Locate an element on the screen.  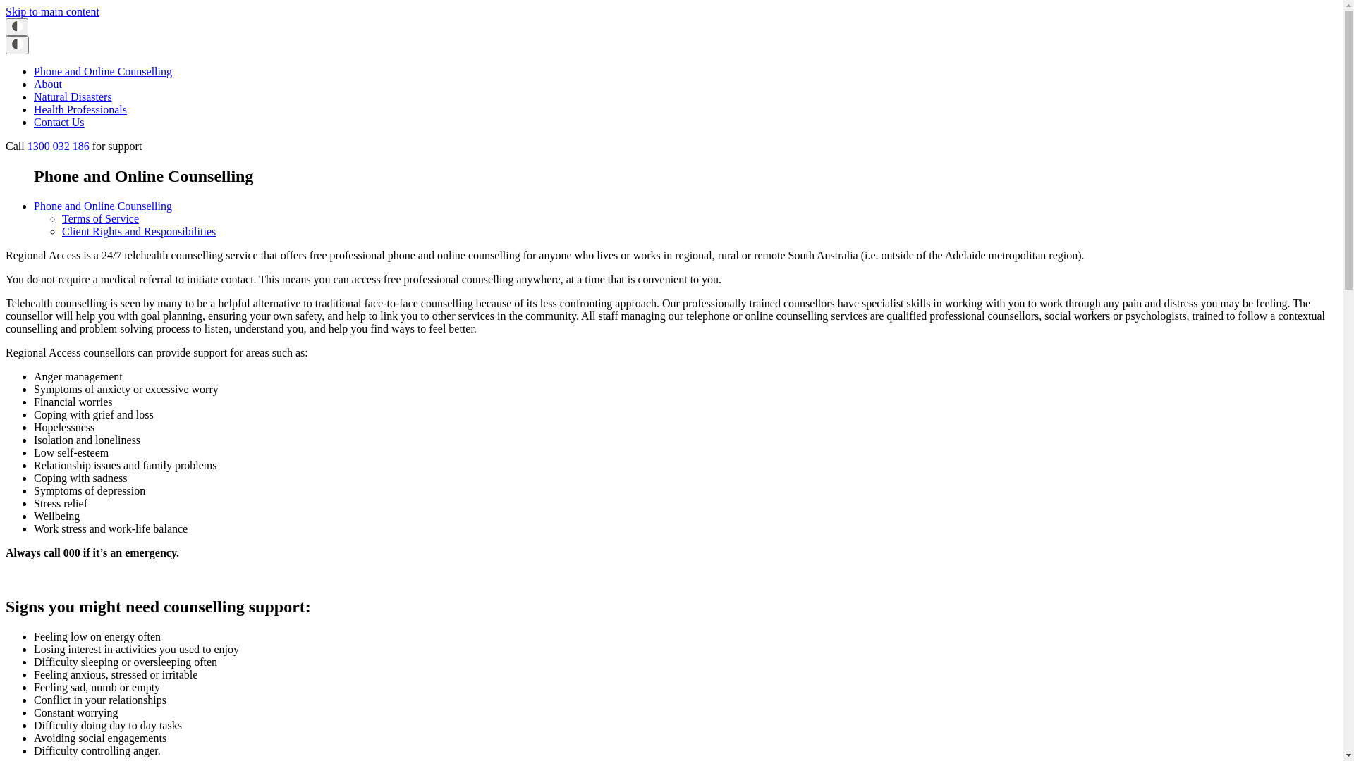
'Client Rights and Responsibilities' is located at coordinates (138, 230).